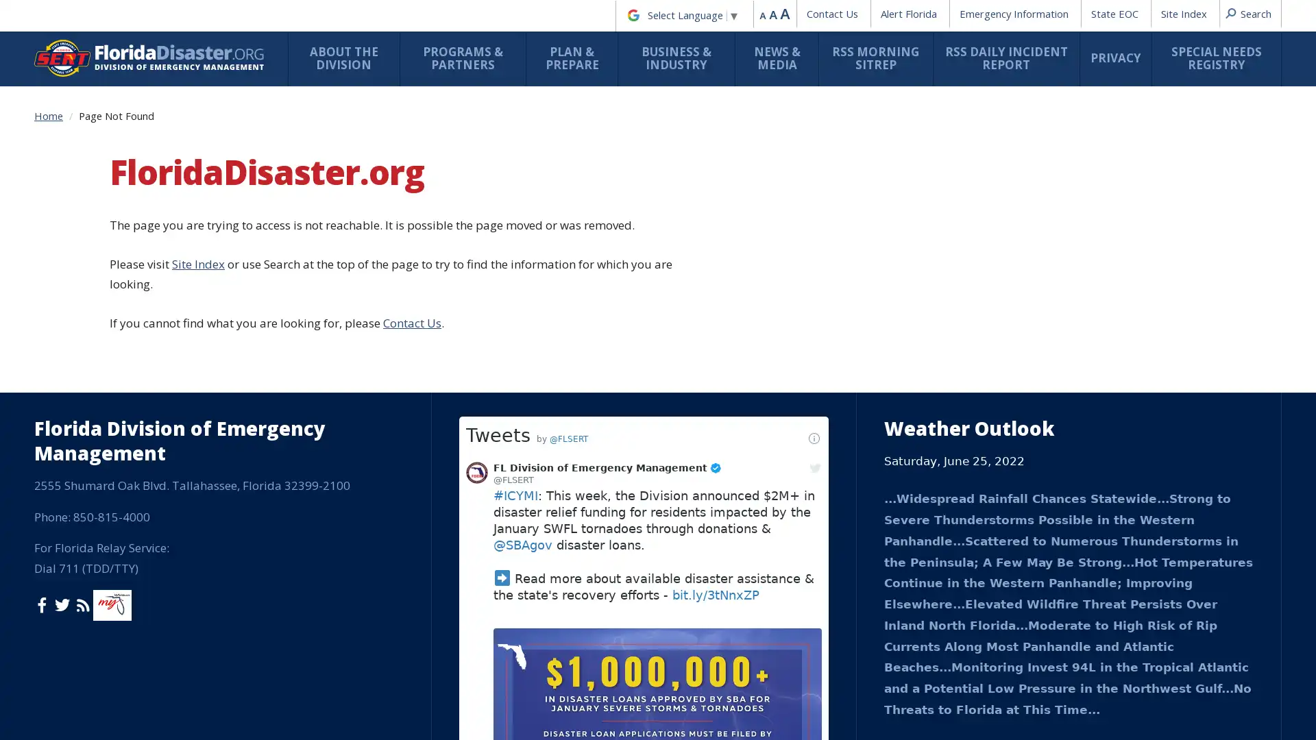 The width and height of the screenshot is (1316, 740). Describe the element at coordinates (787, 267) in the screenshot. I see `Toggle More` at that location.